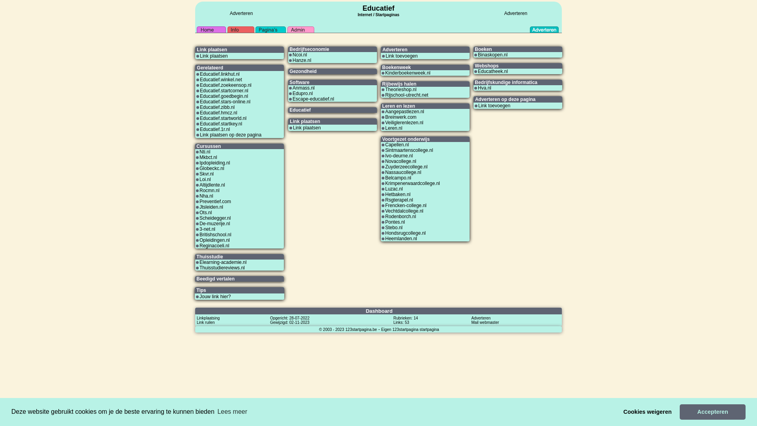 This screenshot has width=757, height=426. I want to click on 'Educatief.hmcz.nl', so click(200, 112).